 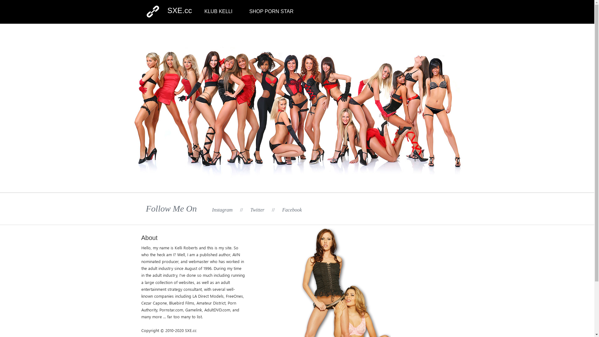 I want to click on 'SHOP PORN STAR', so click(x=271, y=11).